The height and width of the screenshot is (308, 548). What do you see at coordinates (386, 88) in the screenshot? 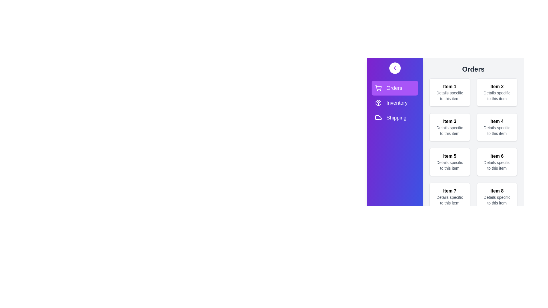
I see `the Orders section from the navigation menu` at bounding box center [386, 88].